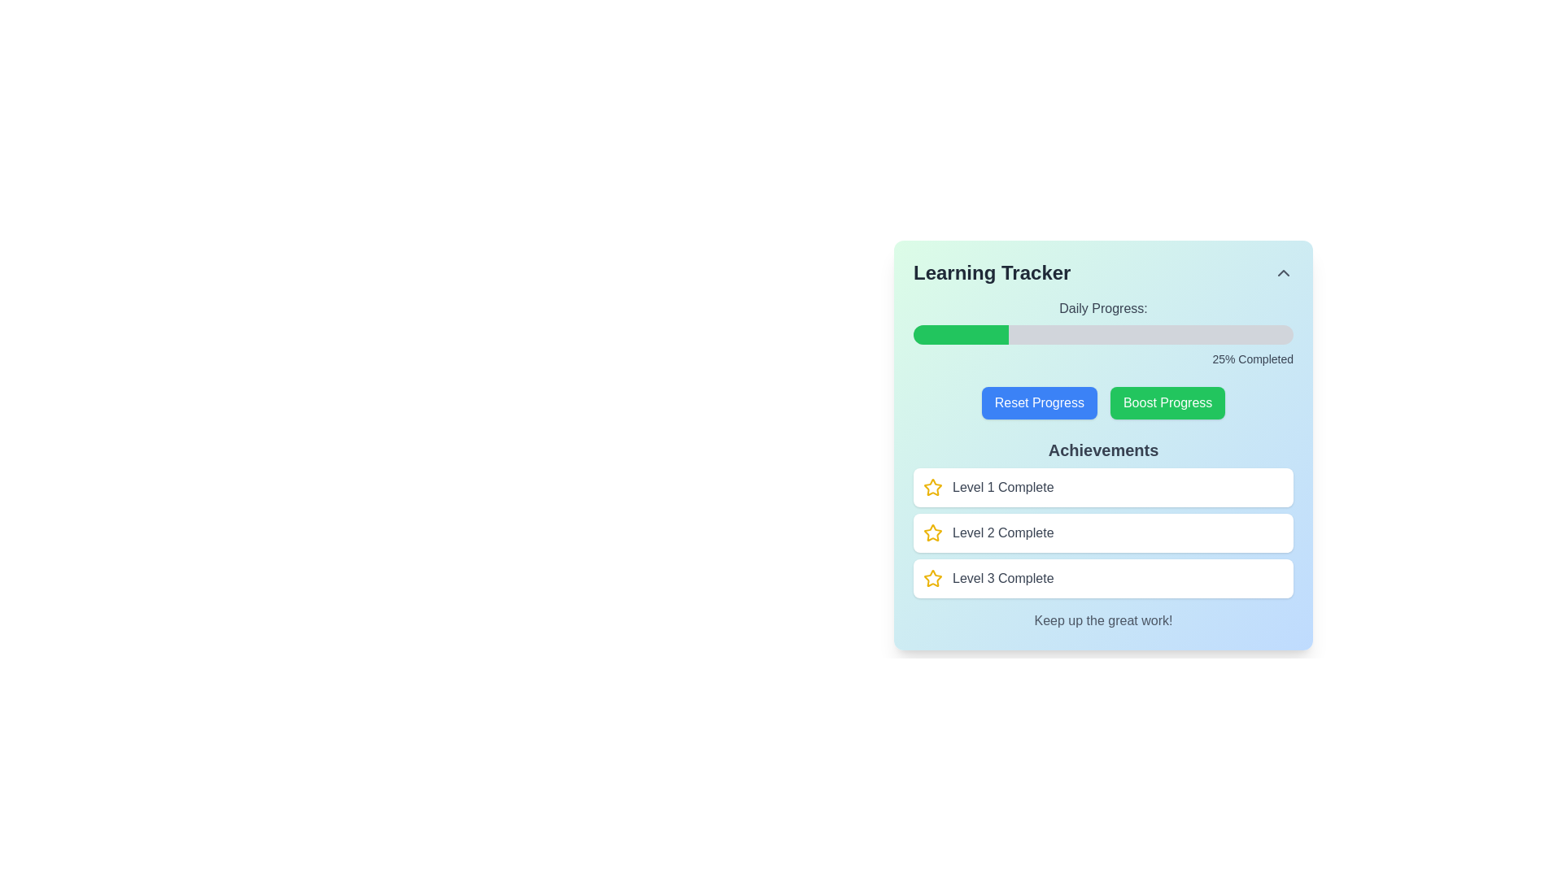  I want to click on the Progress indicator block that lists achievements such as 'Level 1 Complete', 'Level 2 Complete', and 'Level 3 Complete', positioned near the center of the 'Achievements' panel, so click(1103, 532).